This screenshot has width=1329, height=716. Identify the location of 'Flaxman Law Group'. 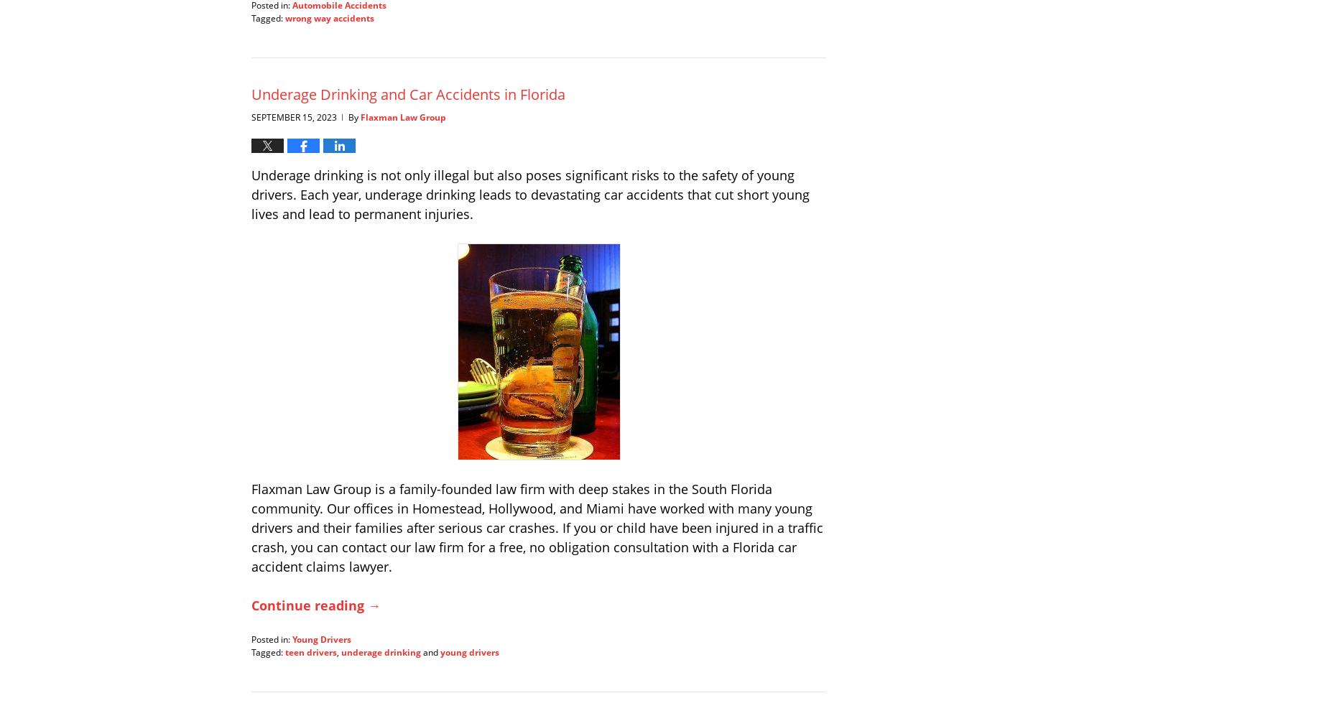
(403, 116).